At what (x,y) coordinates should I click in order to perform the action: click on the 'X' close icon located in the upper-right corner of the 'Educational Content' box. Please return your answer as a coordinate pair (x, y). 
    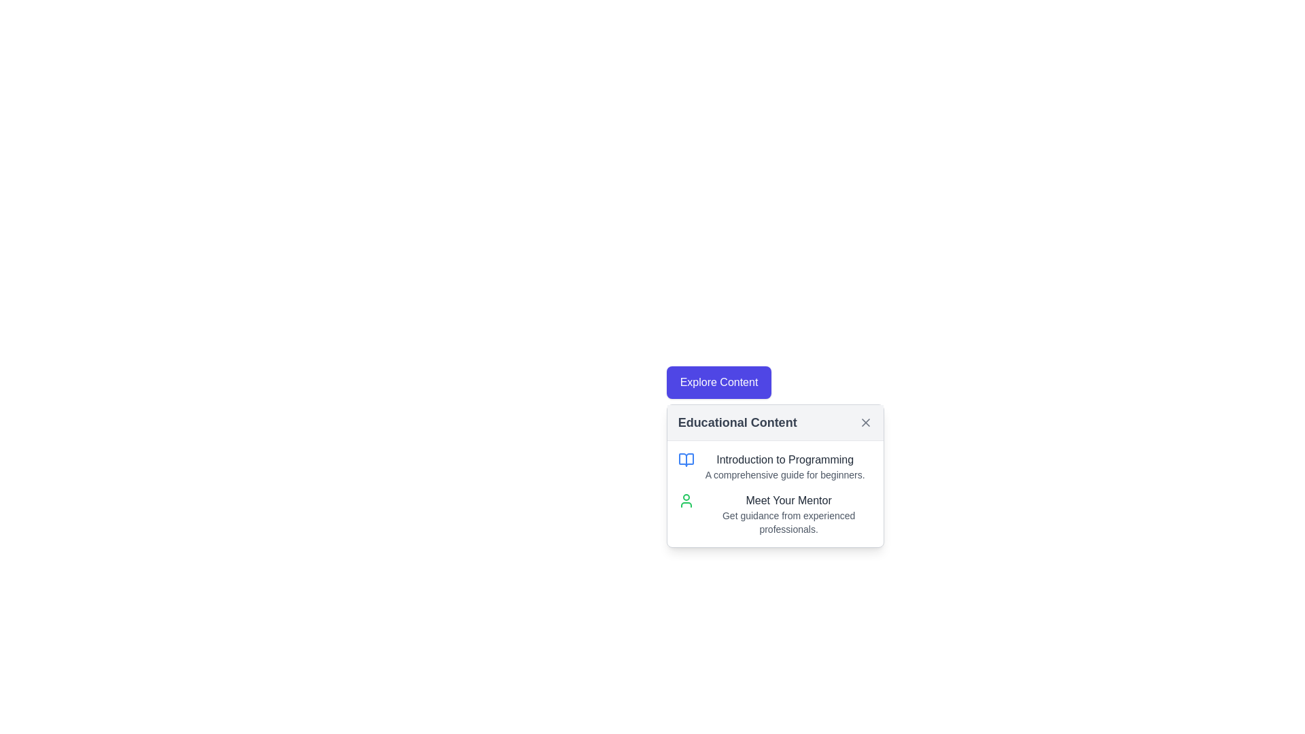
    Looking at the image, I should click on (865, 421).